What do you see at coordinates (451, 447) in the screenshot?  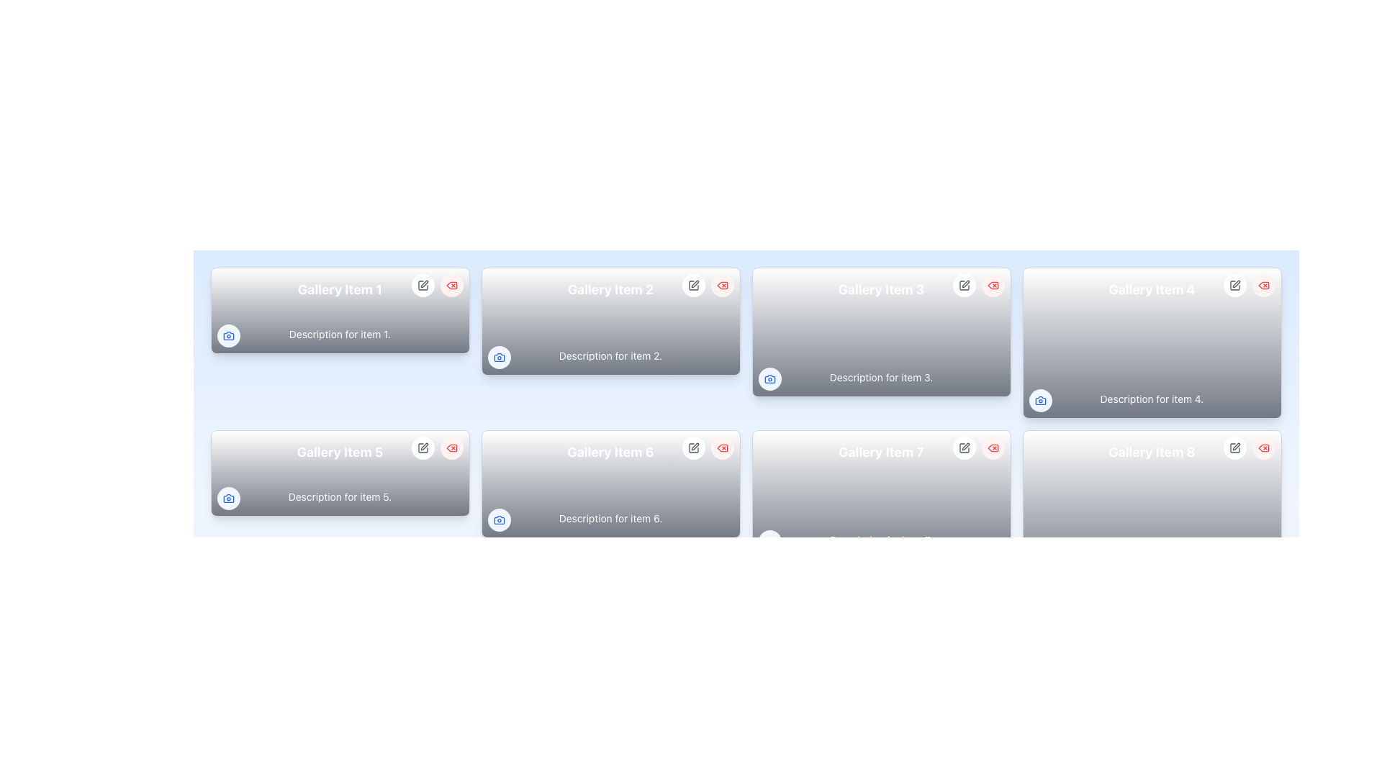 I see `the delete icon located at the top-right corner of the gallery item card` at bounding box center [451, 447].